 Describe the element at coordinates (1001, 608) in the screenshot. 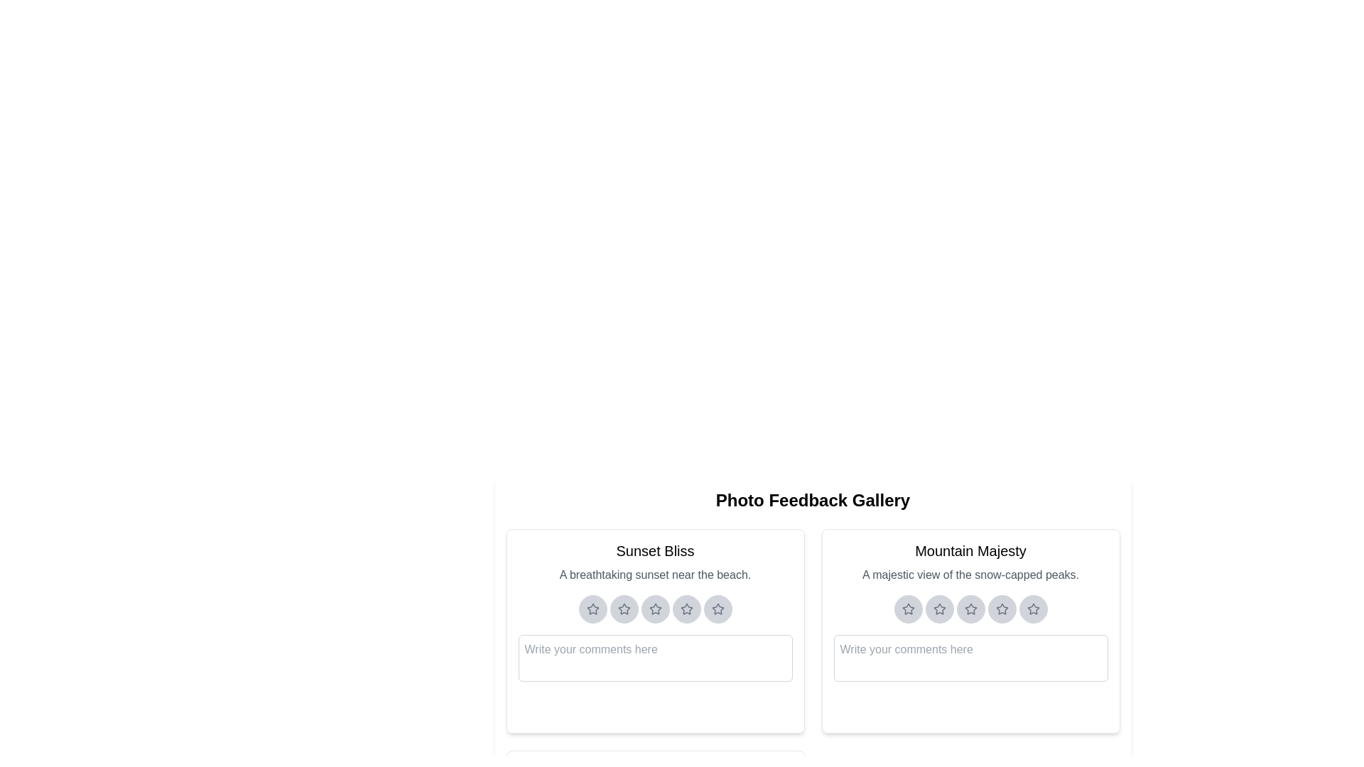

I see `the third star icon used for rating under the photo description 'Mountain Majesty'` at that location.